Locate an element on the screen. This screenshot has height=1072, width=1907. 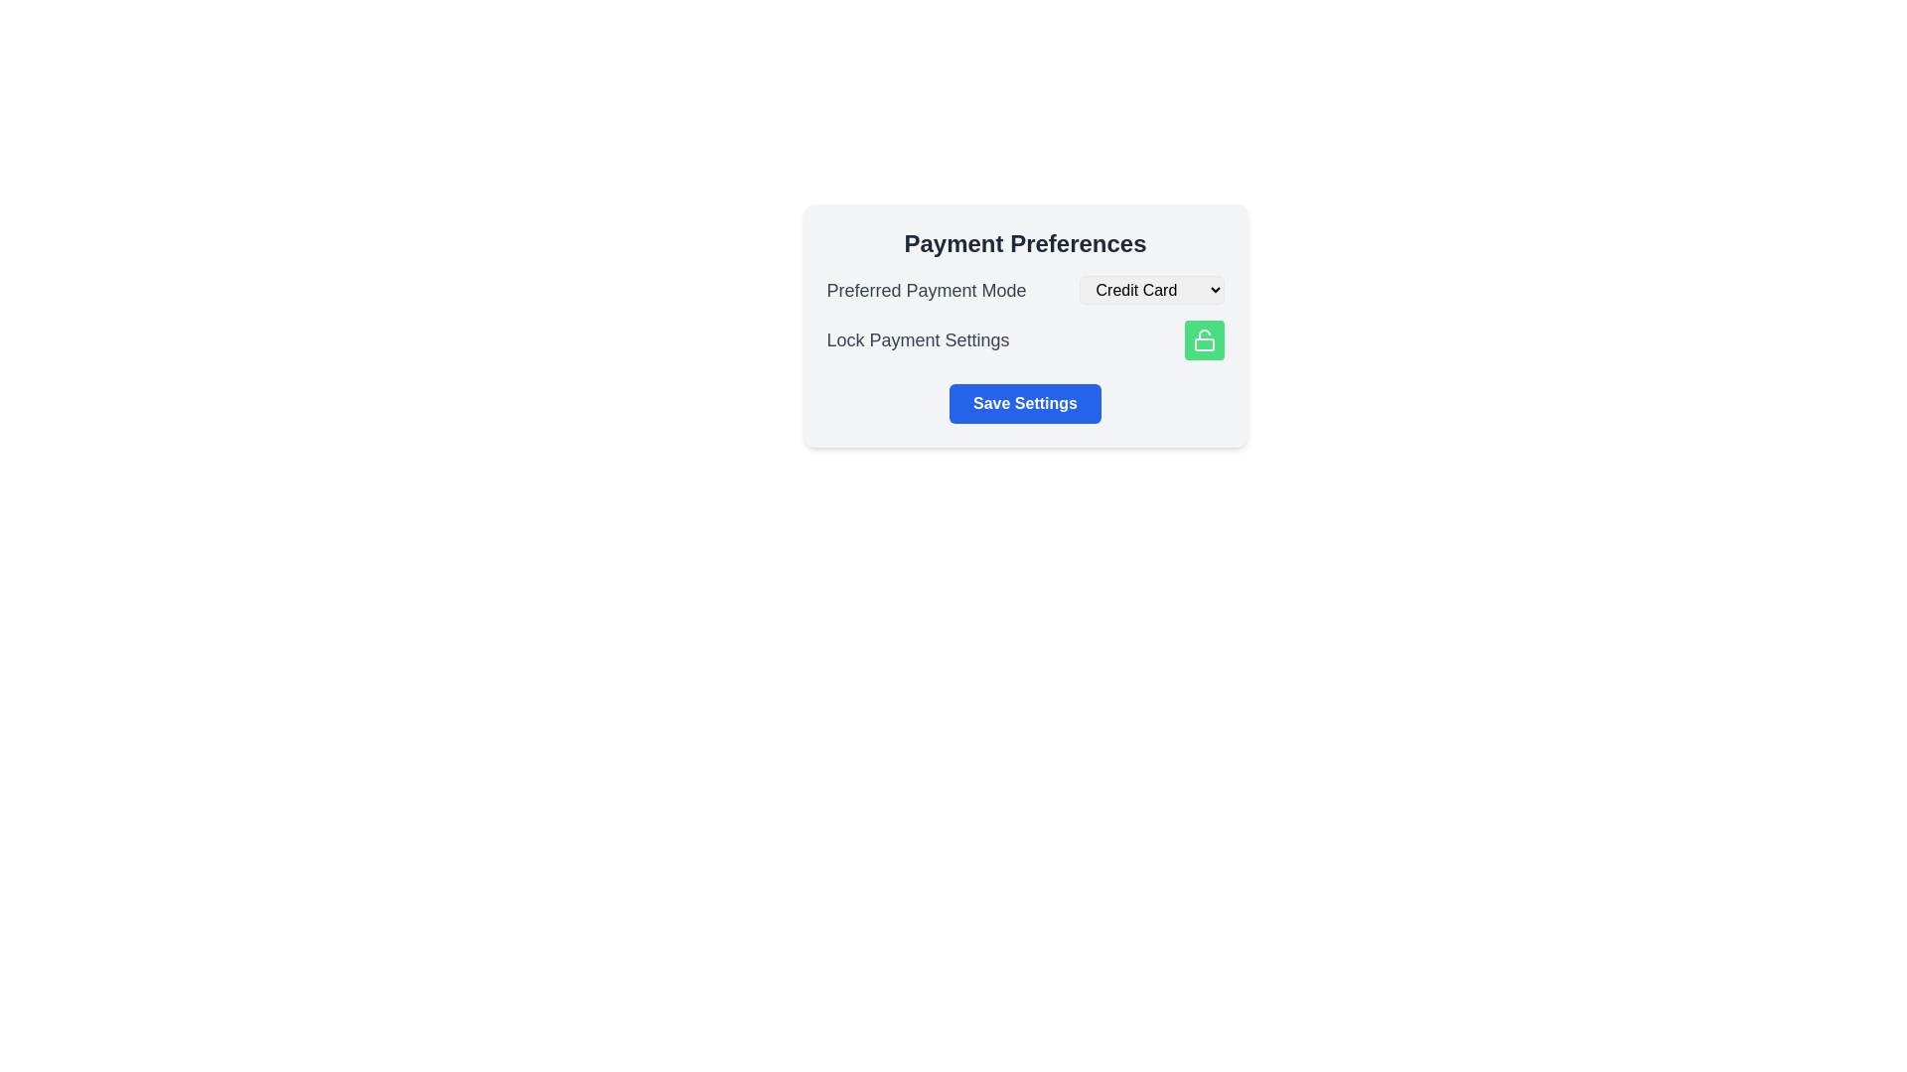
the open lock shackle icon within the SVG graphic, located on the right side of the 'Lock Payment Settings' label in the 'Payment Preferences' section is located at coordinates (1203, 334).